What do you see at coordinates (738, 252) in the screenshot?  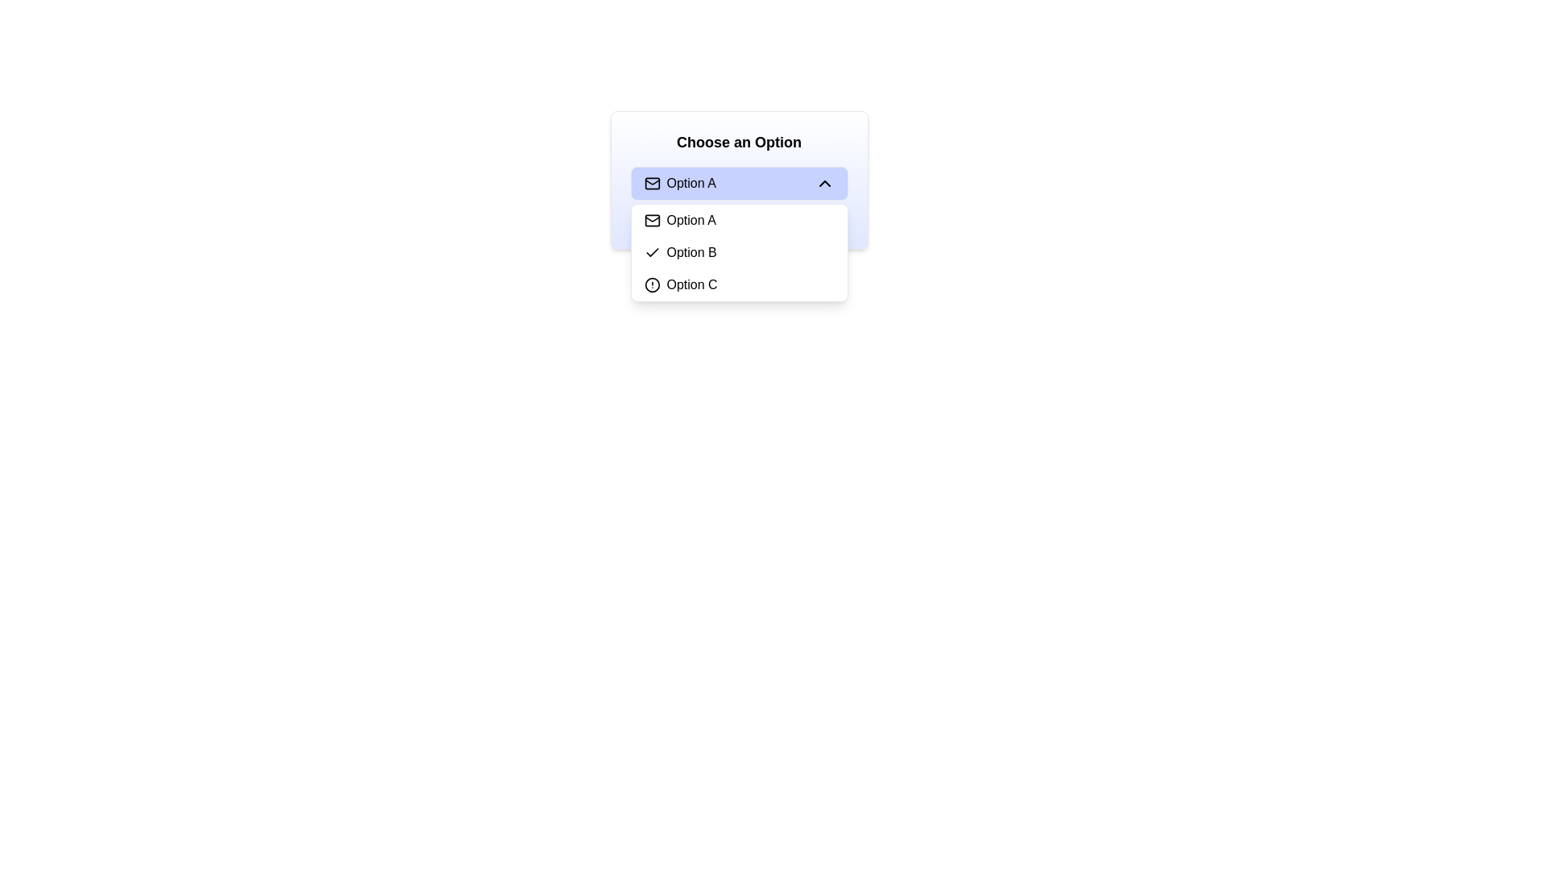 I see `the second item in the dropdown menu that allows users to select 'Option B'` at bounding box center [738, 252].